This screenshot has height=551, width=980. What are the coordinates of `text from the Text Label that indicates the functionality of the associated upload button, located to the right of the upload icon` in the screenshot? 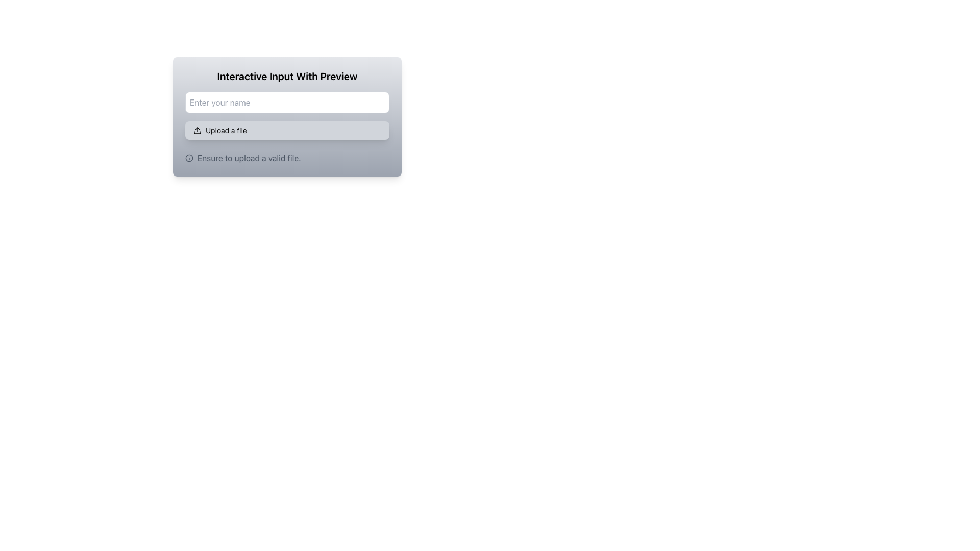 It's located at (226, 130).